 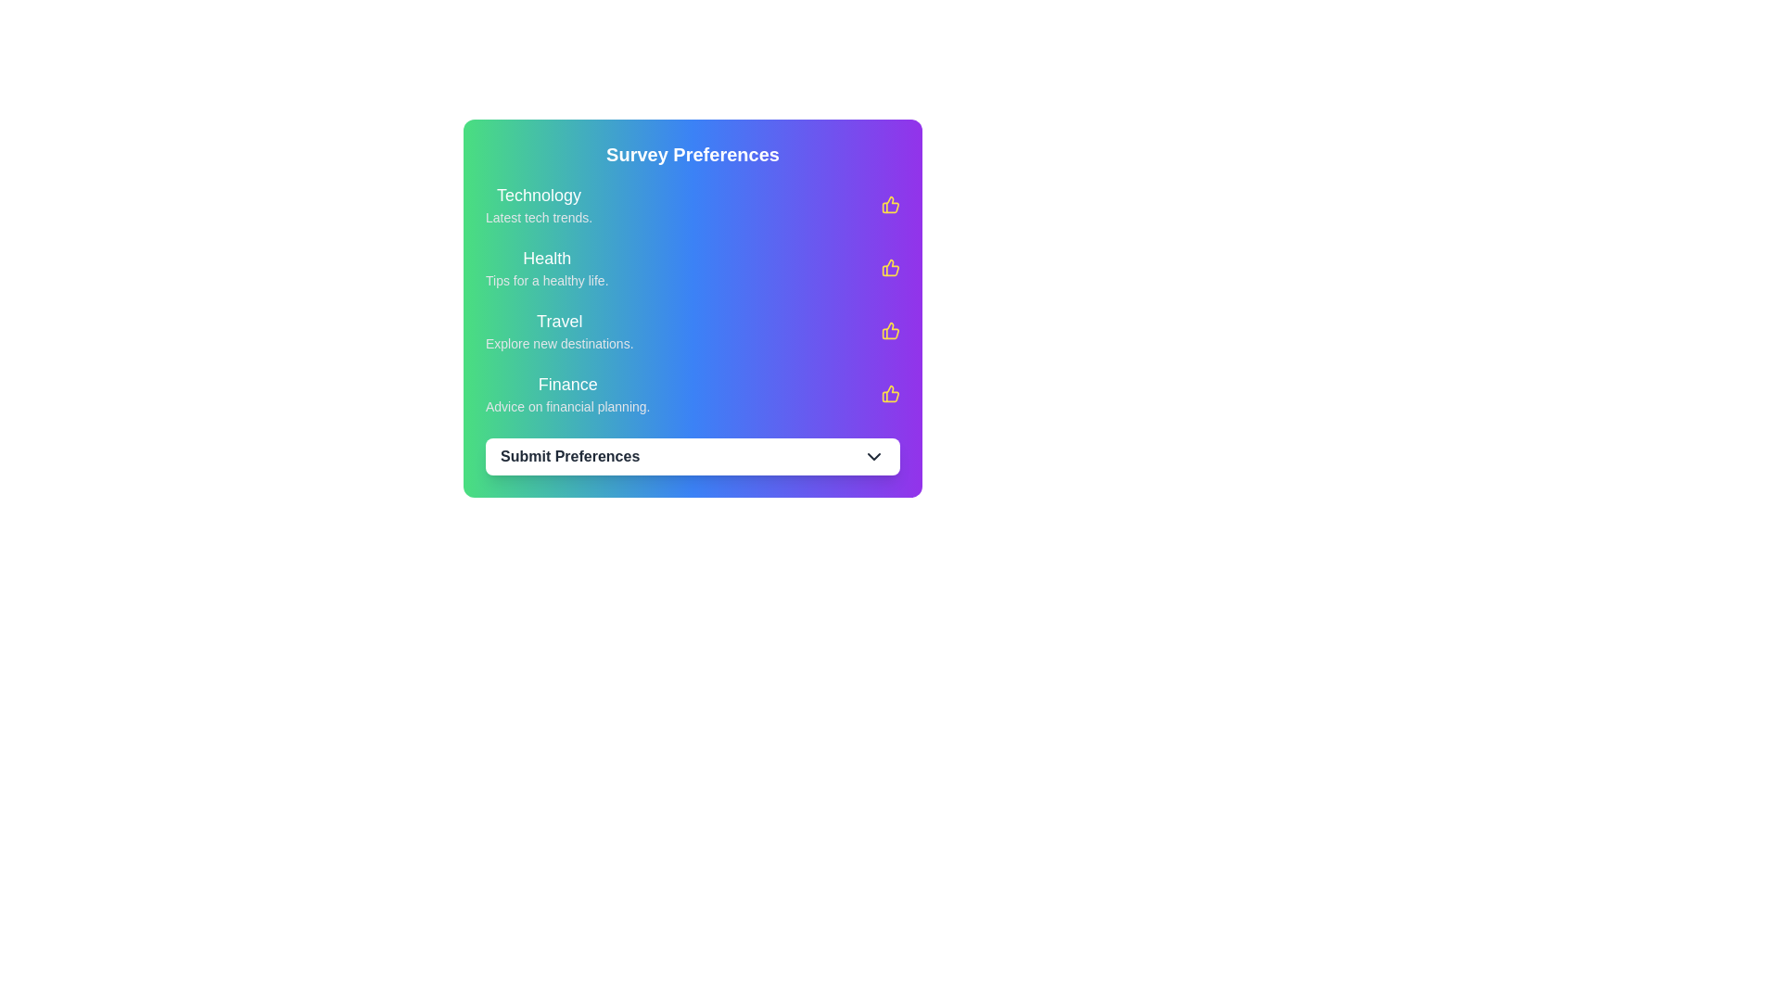 What do you see at coordinates (875, 330) in the screenshot?
I see `the thumbs-up icon representing the 'Travel' preference` at bounding box center [875, 330].